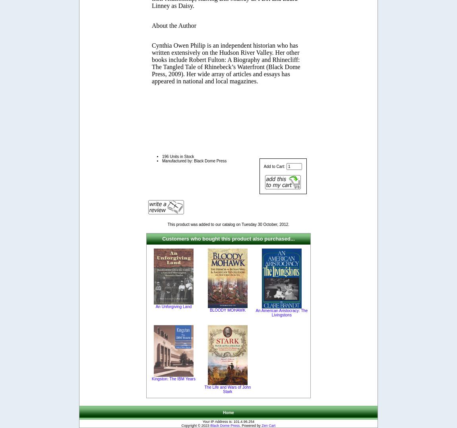 The width and height of the screenshot is (457, 428). What do you see at coordinates (274, 166) in the screenshot?
I see `'Add to Cart:'` at bounding box center [274, 166].